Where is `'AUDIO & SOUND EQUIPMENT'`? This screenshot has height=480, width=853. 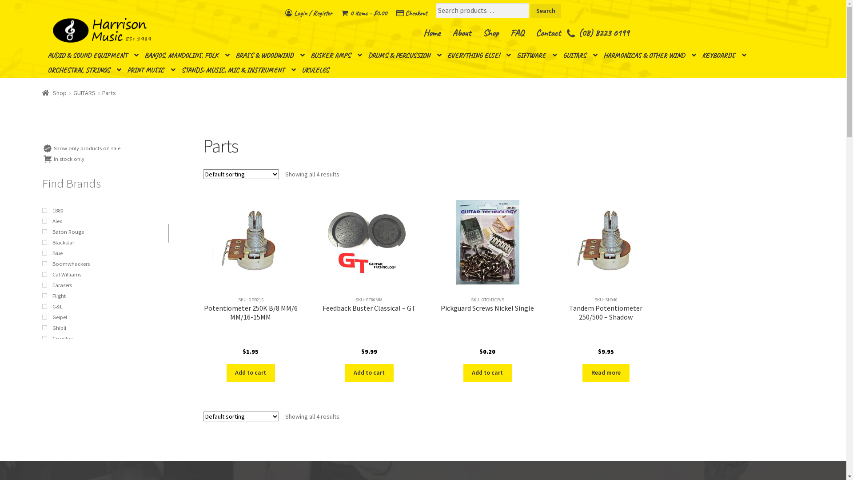 'AUDIO & SOUND EQUIPMENT' is located at coordinates (93, 56).